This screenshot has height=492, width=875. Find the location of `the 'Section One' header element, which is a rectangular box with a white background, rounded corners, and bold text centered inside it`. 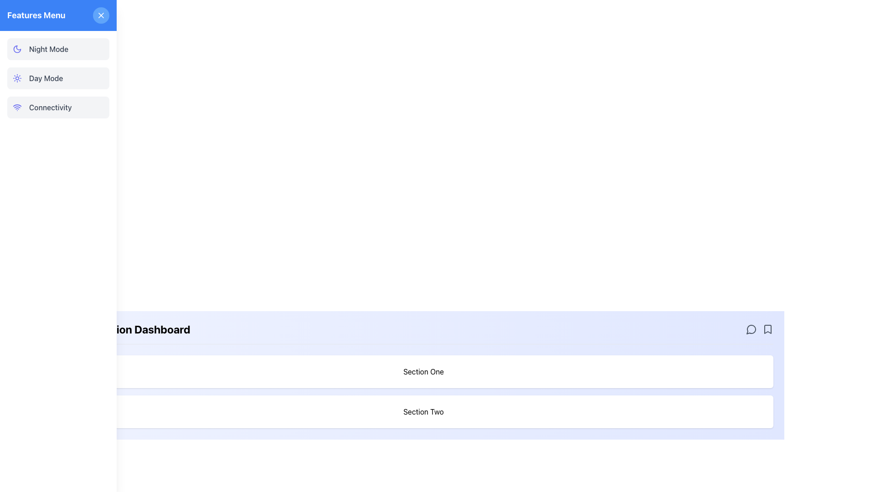

the 'Section One' header element, which is a rectangular box with a white background, rounded corners, and bold text centered inside it is located at coordinates (423, 372).